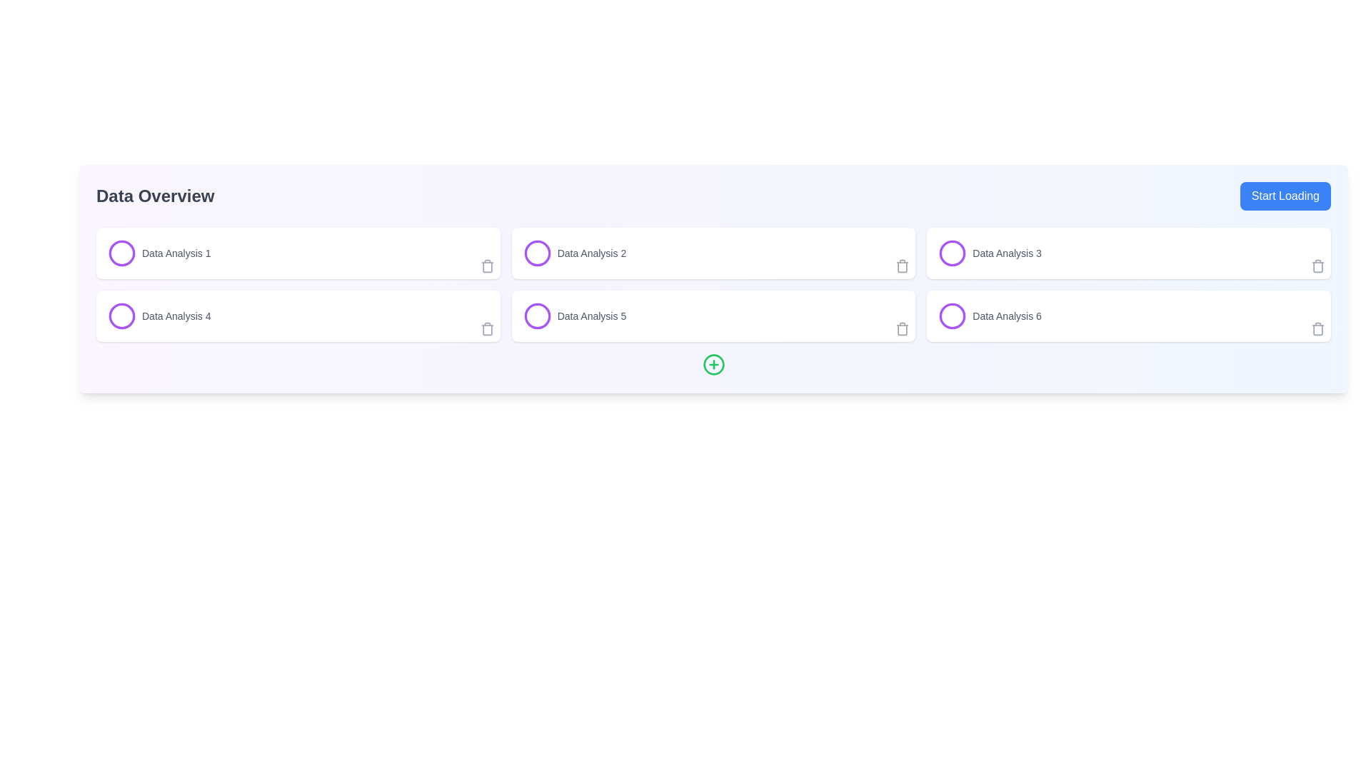 The width and height of the screenshot is (1371, 771). Describe the element at coordinates (713, 363) in the screenshot. I see `the add or create button` at that location.